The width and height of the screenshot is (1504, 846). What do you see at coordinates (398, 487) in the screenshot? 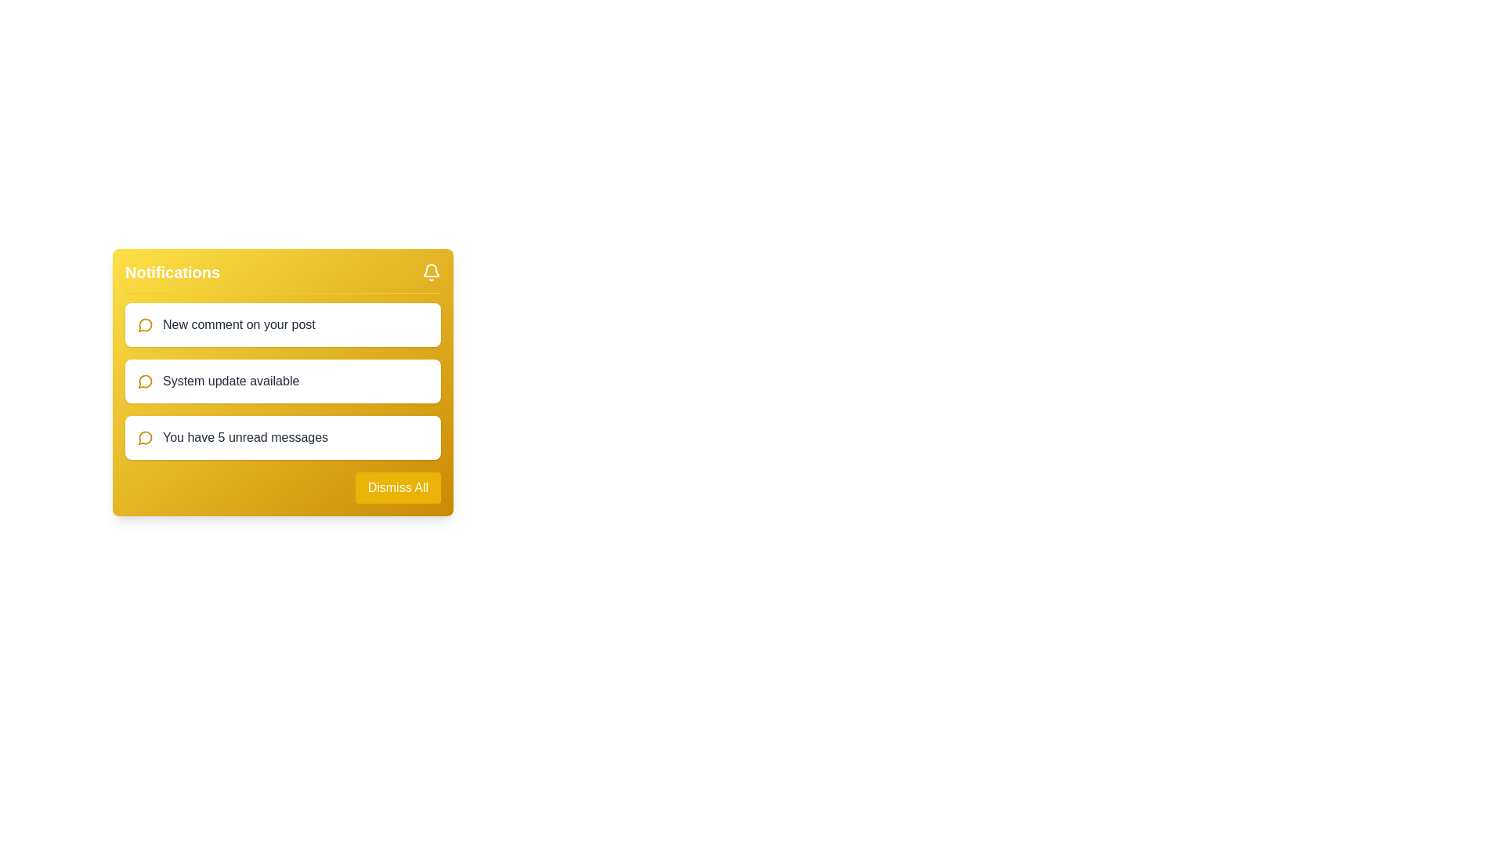
I see `the dismiss all notifications button located at the bottom-right corner of the notification panel with a golden background` at bounding box center [398, 487].